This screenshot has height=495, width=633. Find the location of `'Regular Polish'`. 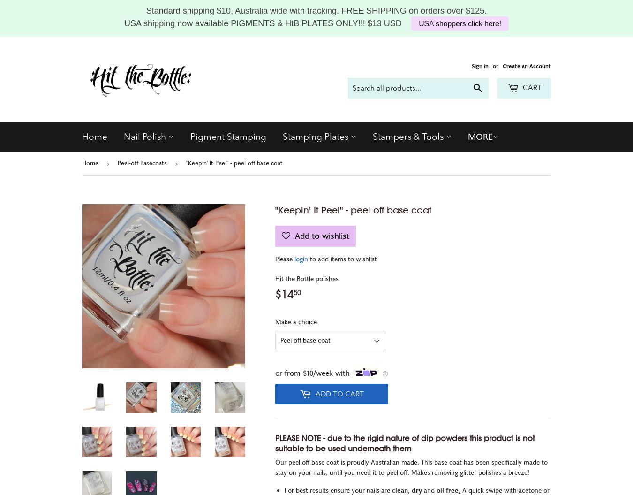

'Regular Polish' is located at coordinates (152, 281).